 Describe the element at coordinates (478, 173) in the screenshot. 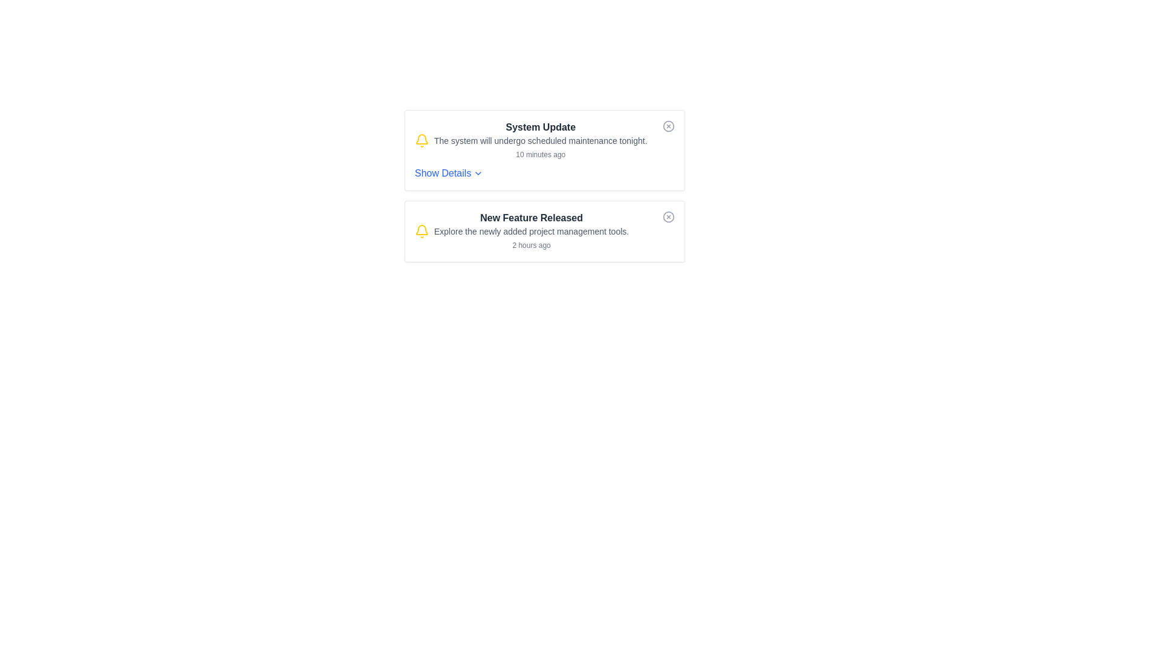

I see `the Chevron or Dropdown indicator located to the immediate right of the 'Show Details' button within the 'System Update' notification card to interact with the button` at that location.